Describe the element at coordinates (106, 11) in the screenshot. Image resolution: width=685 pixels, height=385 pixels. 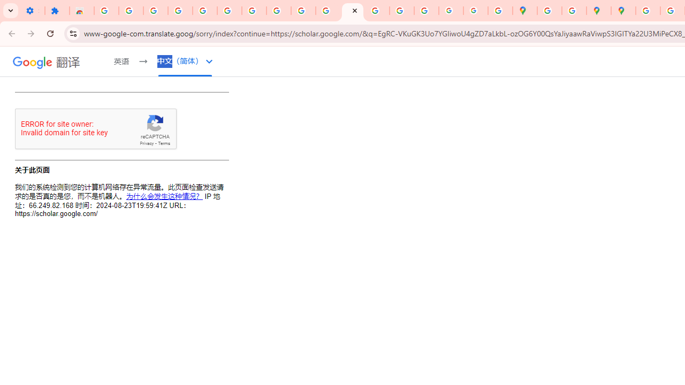
I see `'Sign in - Google Accounts'` at that location.